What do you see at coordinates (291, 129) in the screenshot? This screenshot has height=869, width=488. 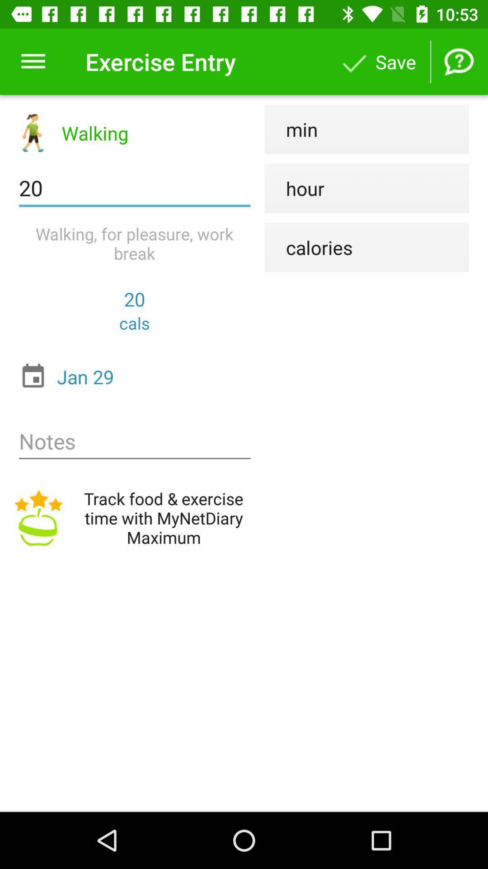 I see `the   min item` at bounding box center [291, 129].